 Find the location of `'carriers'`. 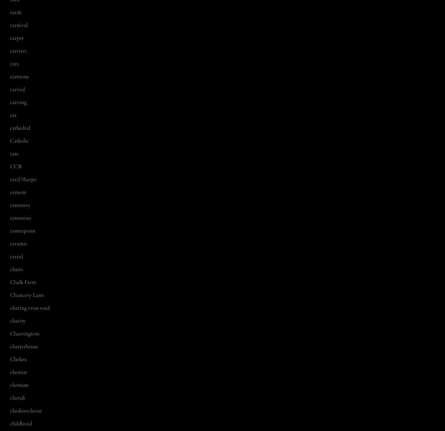

'carriers' is located at coordinates (18, 50).